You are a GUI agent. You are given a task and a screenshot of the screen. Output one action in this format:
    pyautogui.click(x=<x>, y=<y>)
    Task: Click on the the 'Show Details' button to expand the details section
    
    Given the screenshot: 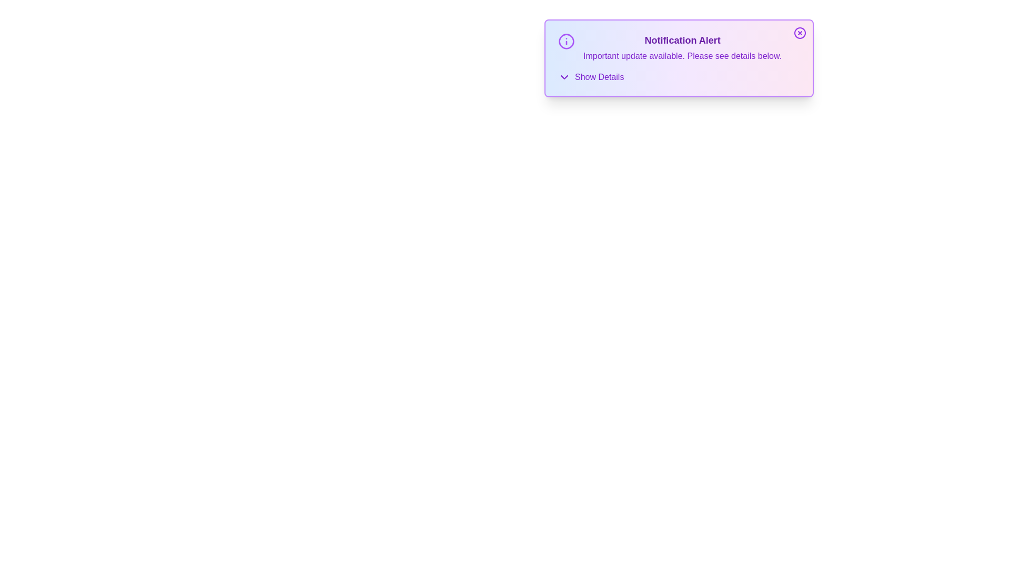 What is the action you would take?
    pyautogui.click(x=591, y=76)
    